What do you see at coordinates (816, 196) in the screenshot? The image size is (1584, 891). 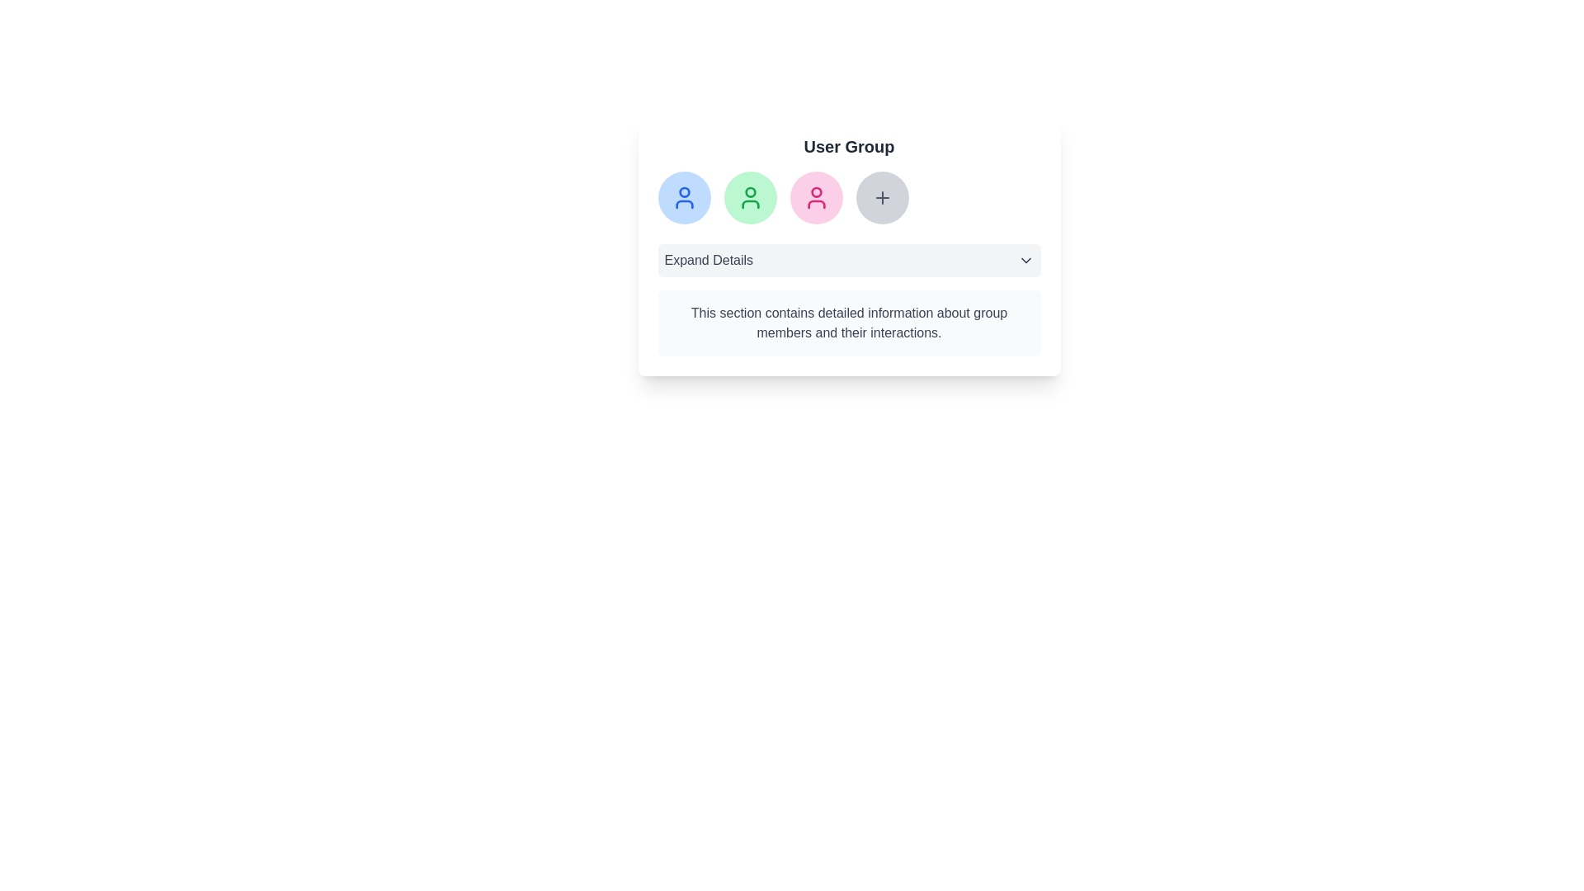 I see `the circular user avatar icon with a pink background and white border` at bounding box center [816, 196].